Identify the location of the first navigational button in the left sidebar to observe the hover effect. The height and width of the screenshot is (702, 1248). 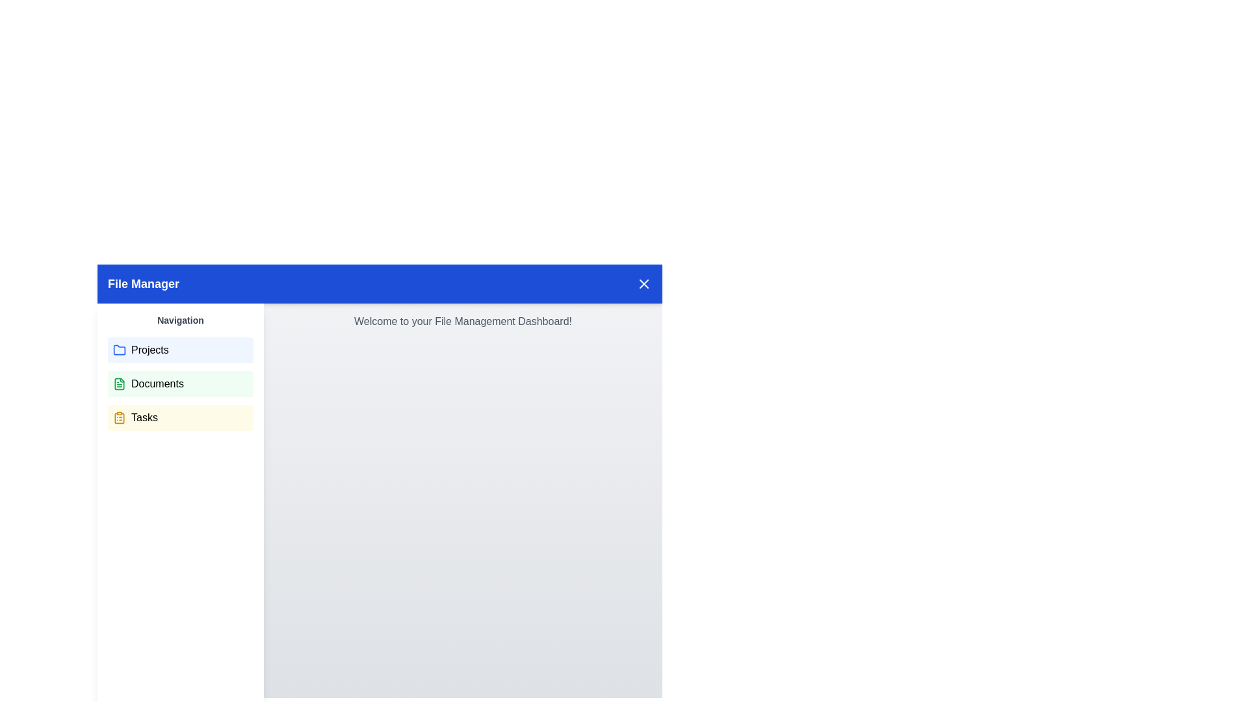
(180, 350).